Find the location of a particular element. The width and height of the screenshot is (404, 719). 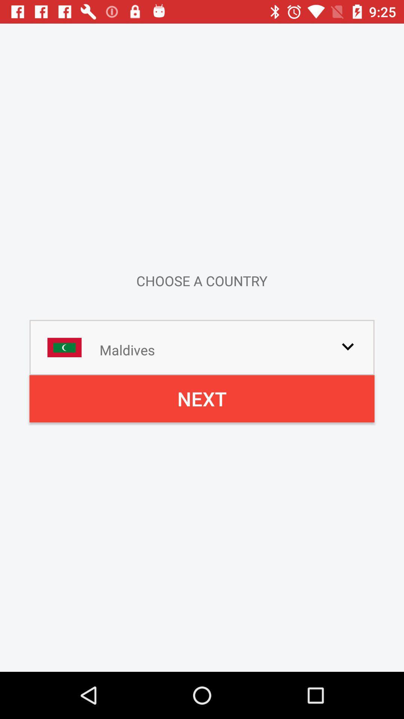

icon above the next item is located at coordinates (348, 346).